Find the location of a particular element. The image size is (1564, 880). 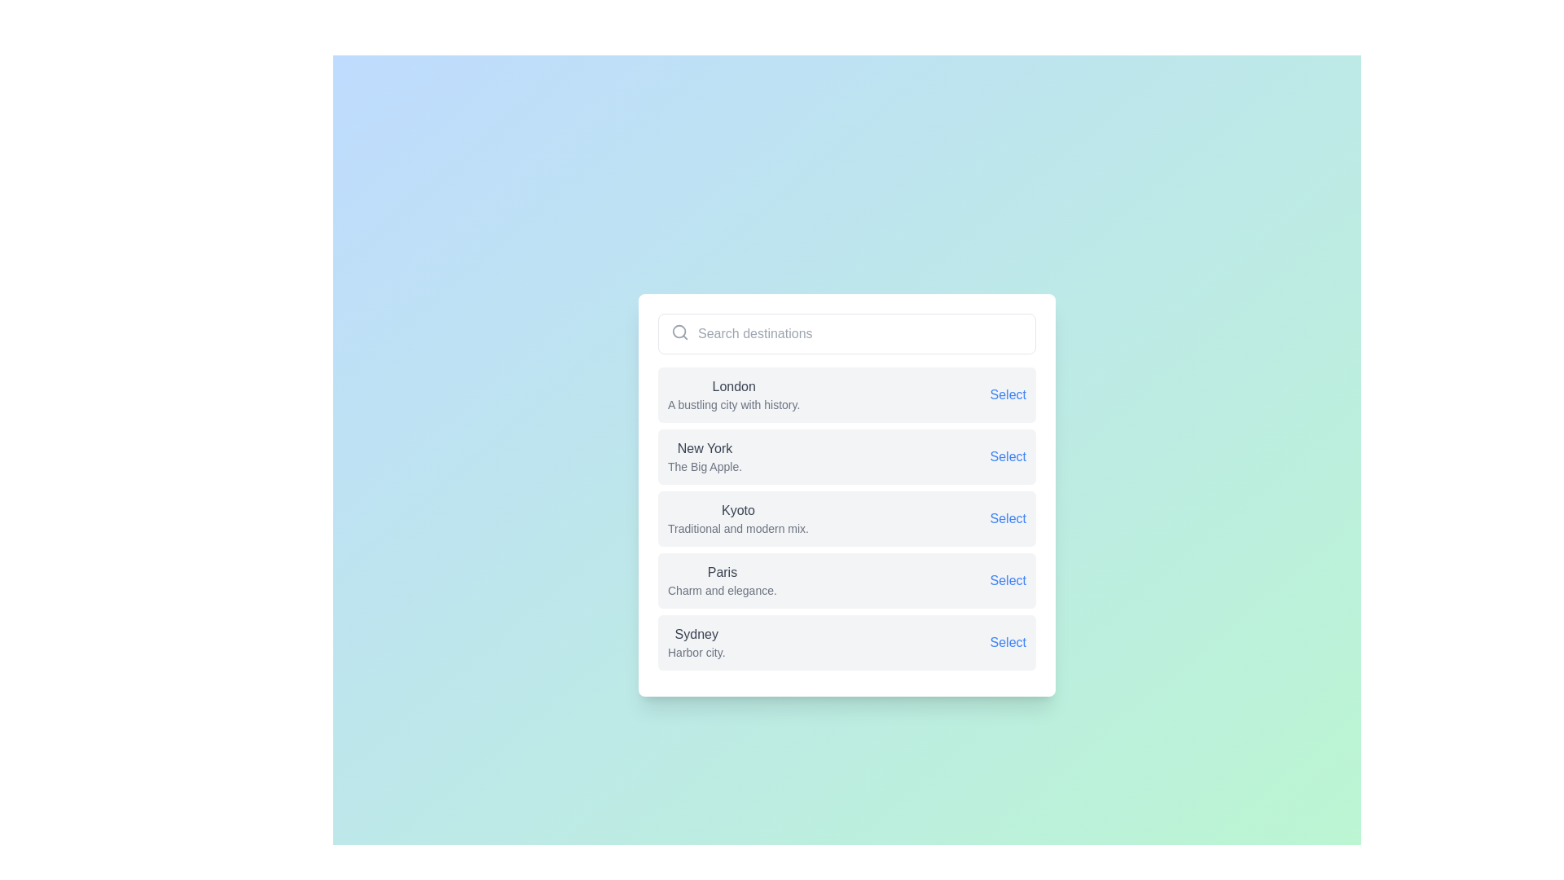

the list item labeled 'Kyoto' which has a light gray background and includes a clickable link labeled 'Select' is located at coordinates (847, 518).